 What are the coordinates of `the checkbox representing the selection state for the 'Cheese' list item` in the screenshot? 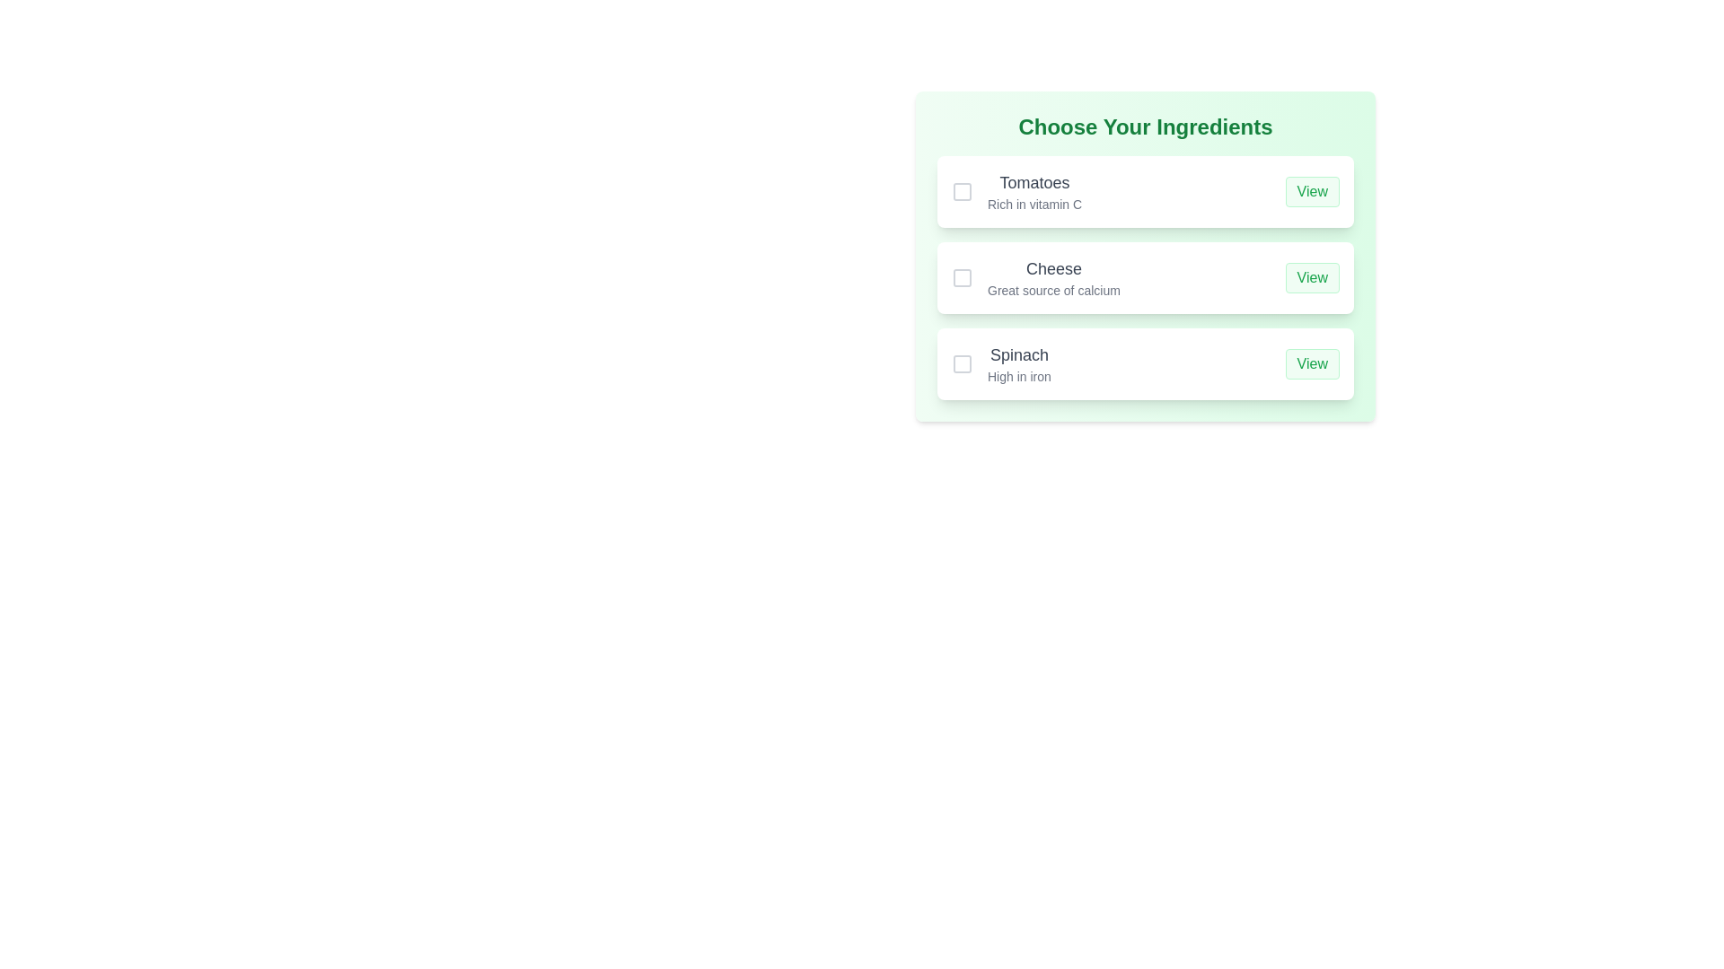 It's located at (961, 277).